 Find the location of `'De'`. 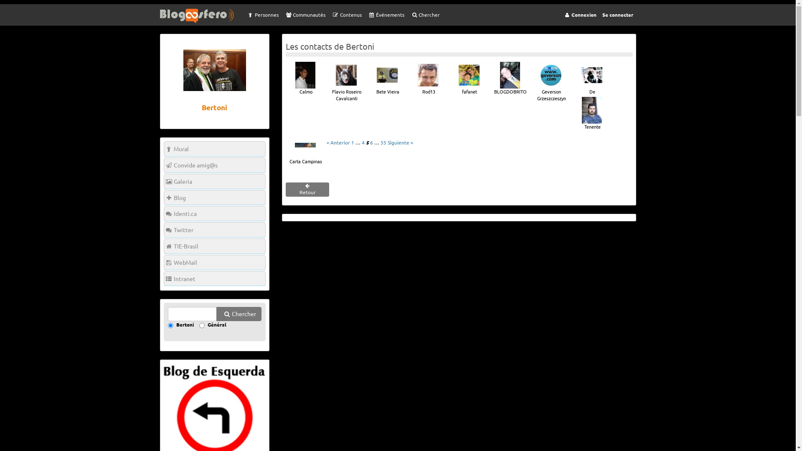

'De' is located at coordinates (591, 79).